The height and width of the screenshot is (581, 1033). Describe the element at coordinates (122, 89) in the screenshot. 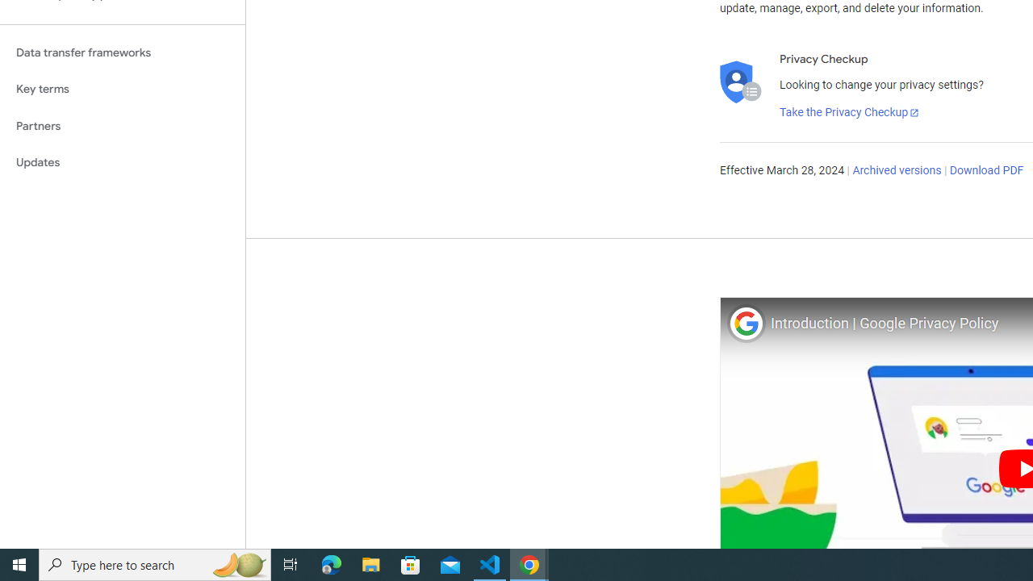

I see `'Key terms'` at that location.